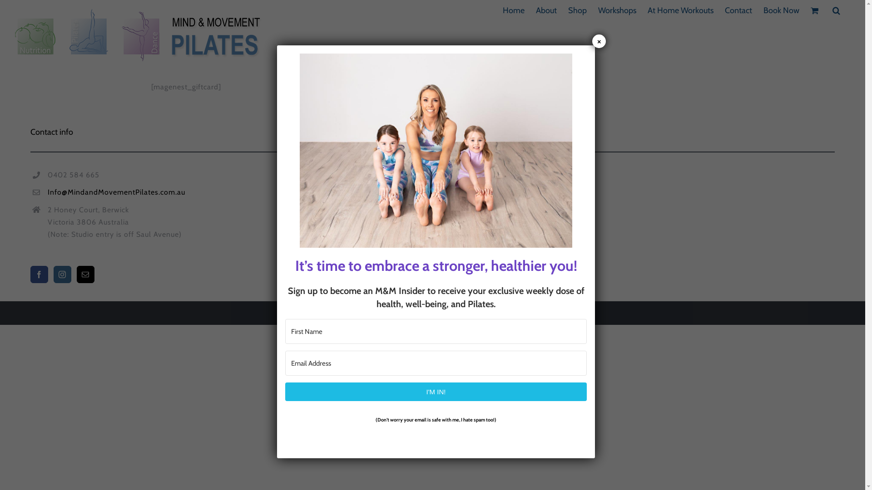 The image size is (872, 490). What do you see at coordinates (680, 10) in the screenshot?
I see `'At Home Workouts'` at bounding box center [680, 10].